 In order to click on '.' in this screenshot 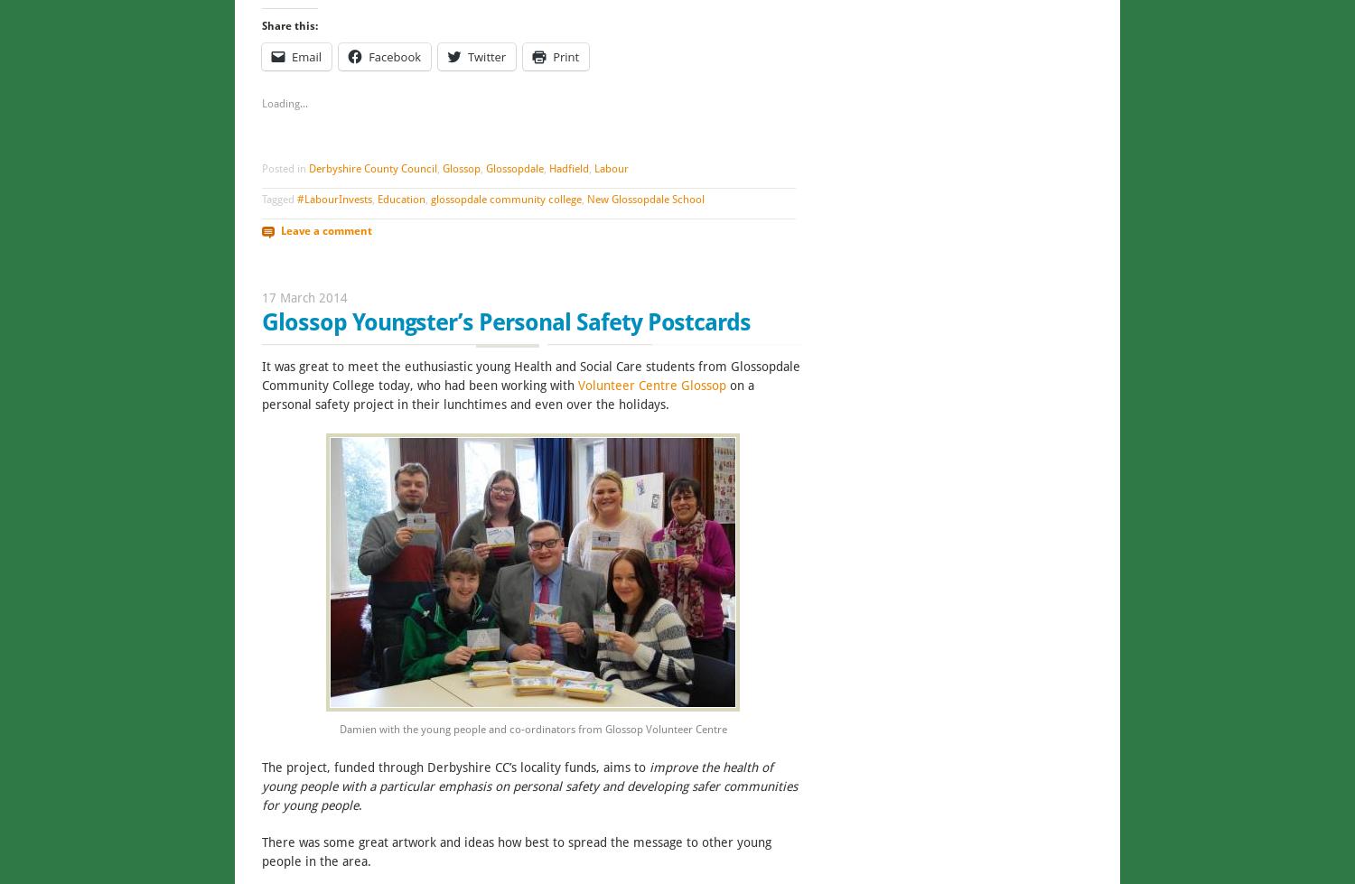, I will do `click(360, 803)`.